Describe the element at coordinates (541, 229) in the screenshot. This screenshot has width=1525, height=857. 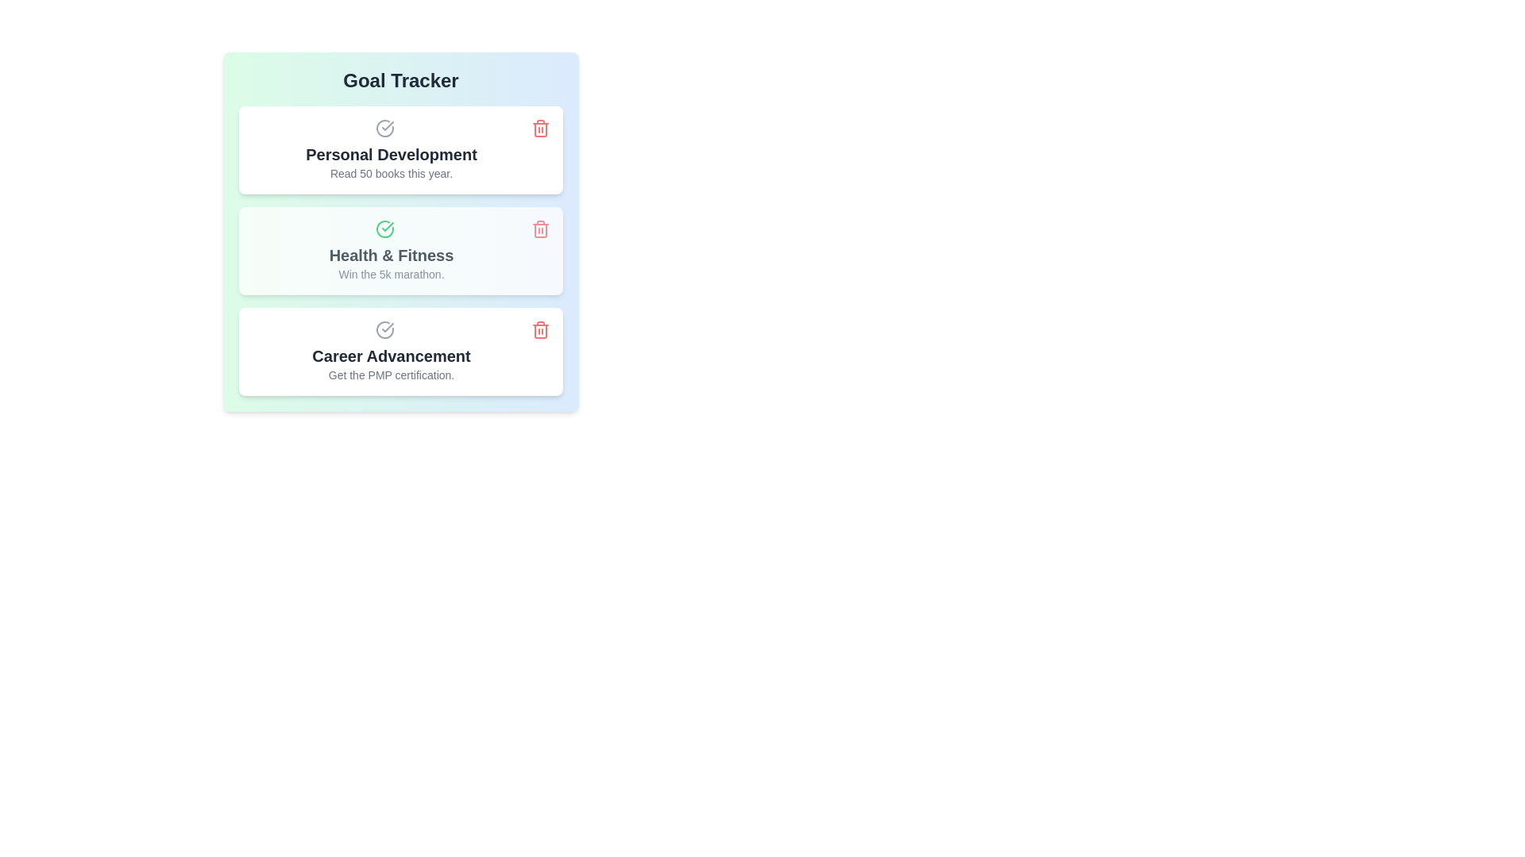
I see `the delete button for the goal titled 'Health & Fitness'` at that location.